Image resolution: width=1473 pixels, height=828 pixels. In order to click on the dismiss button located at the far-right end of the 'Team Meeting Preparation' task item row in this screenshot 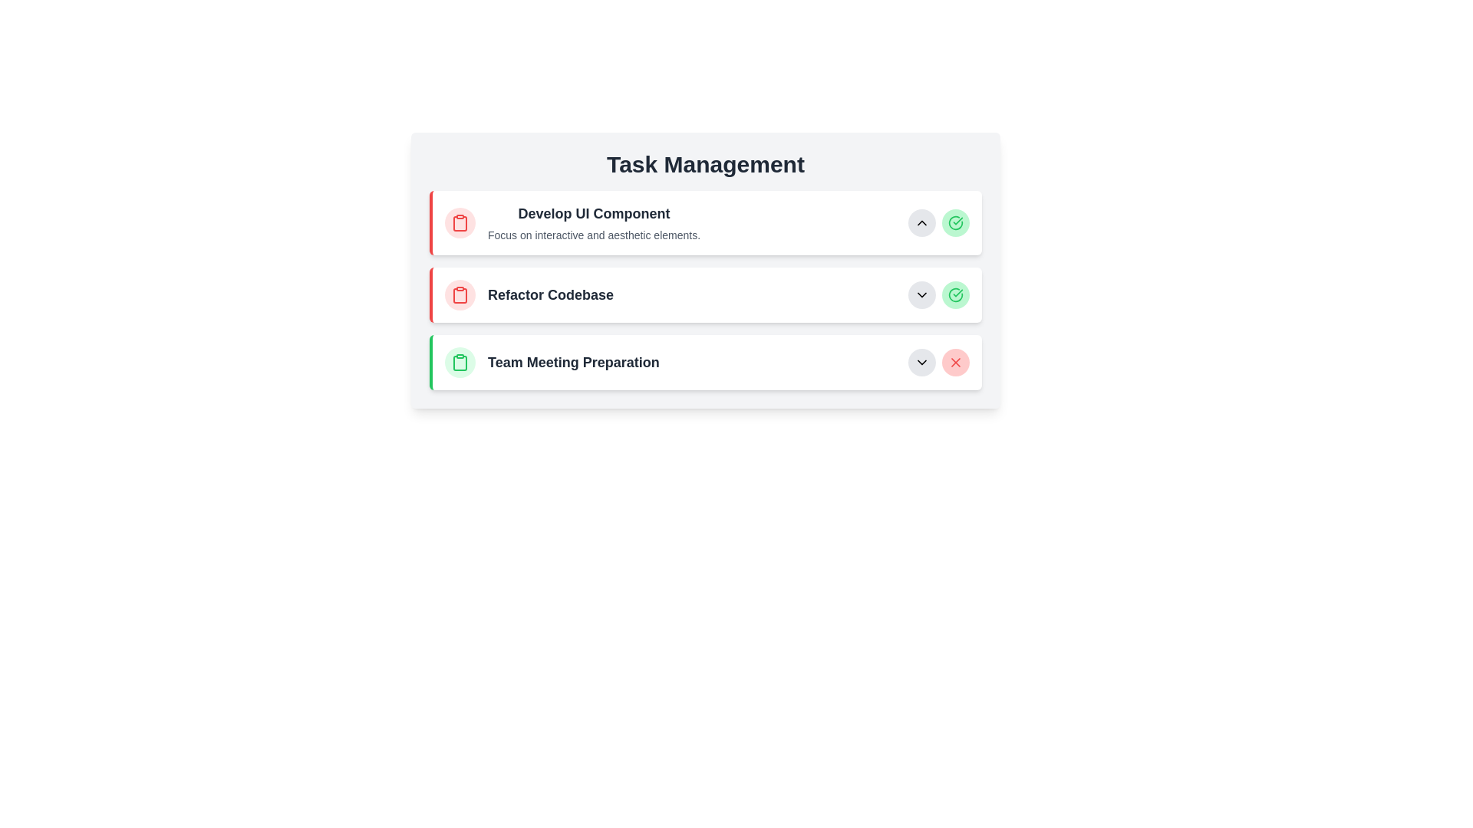, I will do `click(955, 363)`.